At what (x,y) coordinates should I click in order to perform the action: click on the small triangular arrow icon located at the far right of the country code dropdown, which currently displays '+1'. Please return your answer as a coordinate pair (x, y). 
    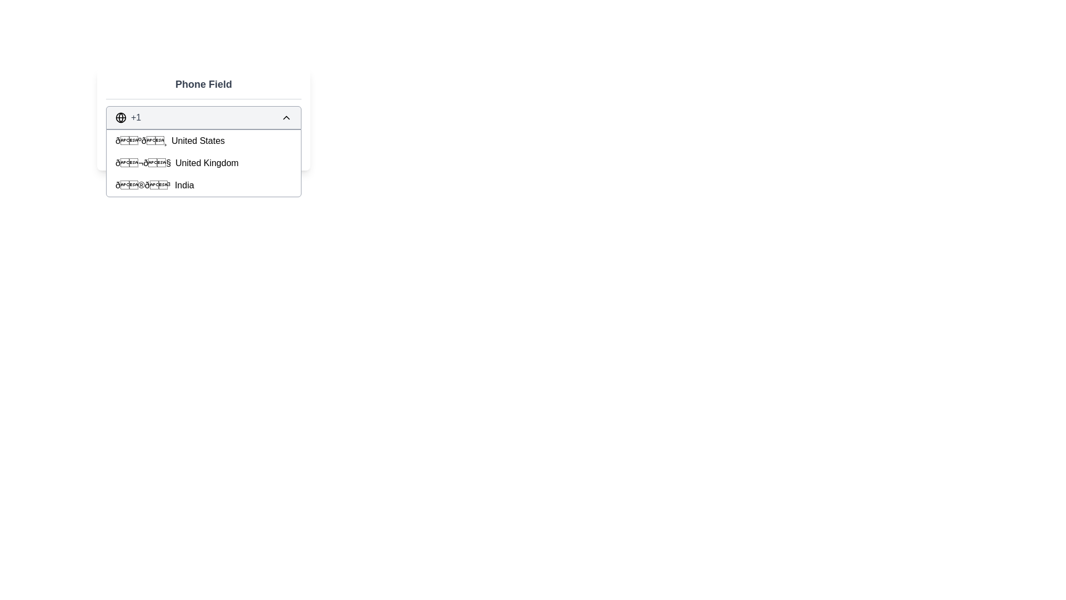
    Looking at the image, I should click on (286, 118).